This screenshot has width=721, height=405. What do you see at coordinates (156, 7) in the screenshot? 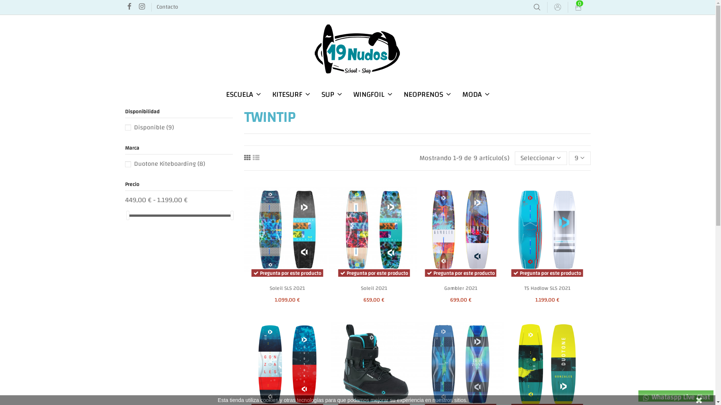
I see `'Contacto'` at bounding box center [156, 7].